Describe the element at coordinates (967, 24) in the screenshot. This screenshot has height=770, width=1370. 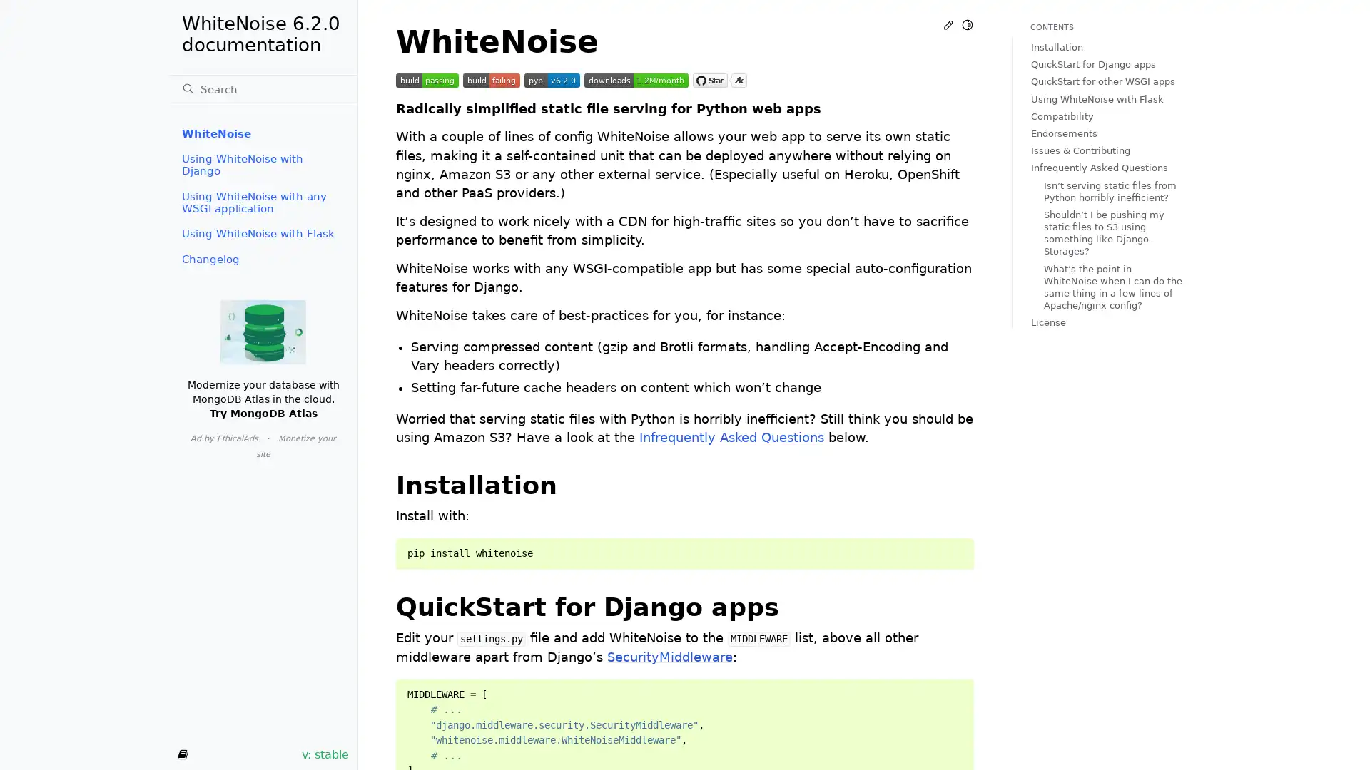
I see `Toggle Light / Dark / Auto color theme` at that location.